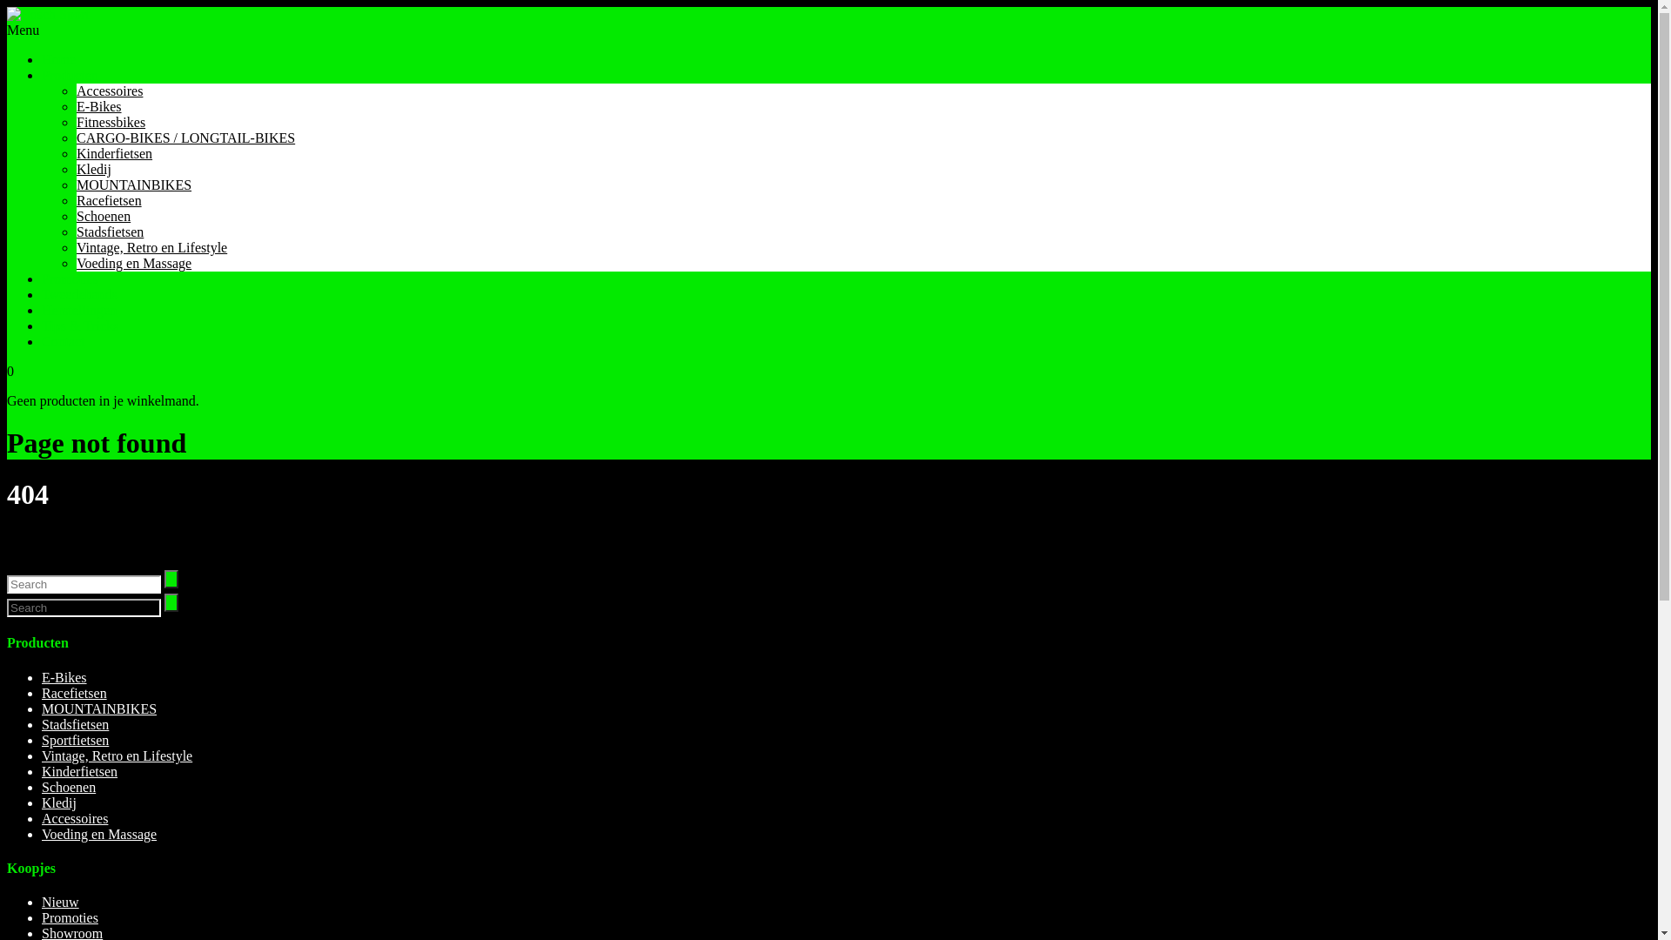 The width and height of the screenshot is (1671, 940). What do you see at coordinates (42, 802) in the screenshot?
I see `'Kledij'` at bounding box center [42, 802].